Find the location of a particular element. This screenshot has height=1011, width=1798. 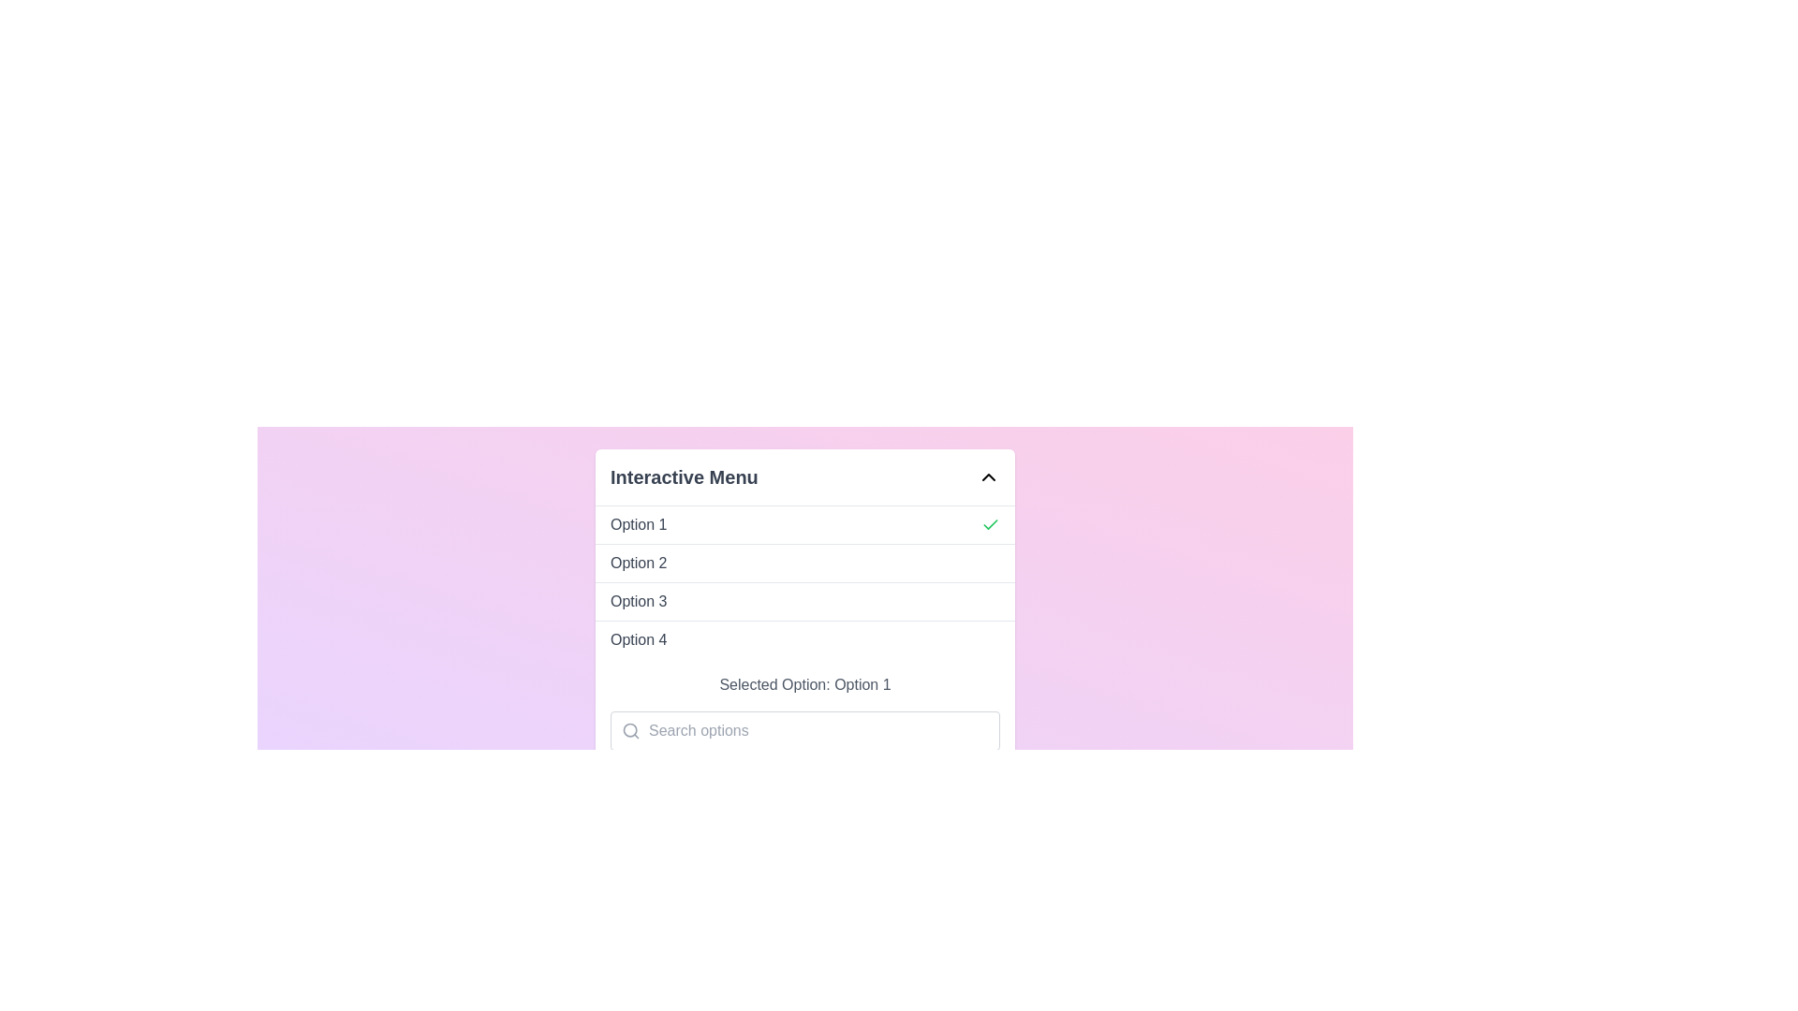

the chevron icon located to the far right of the 'Interactive Menu' header is located at coordinates (988, 476).